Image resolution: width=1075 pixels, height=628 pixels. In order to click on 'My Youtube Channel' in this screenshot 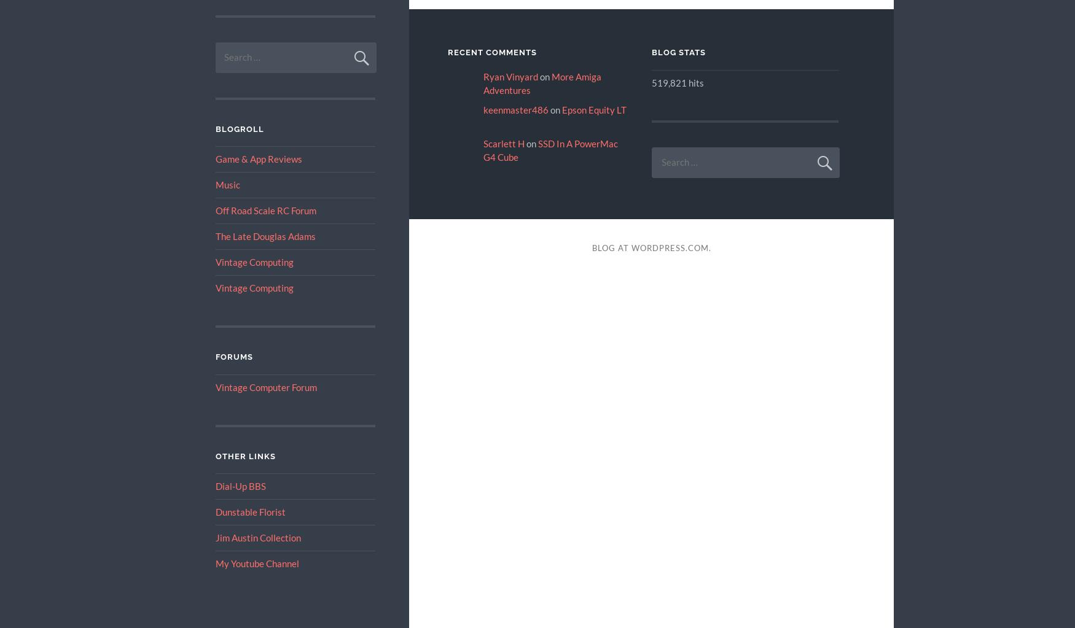, I will do `click(215, 563)`.